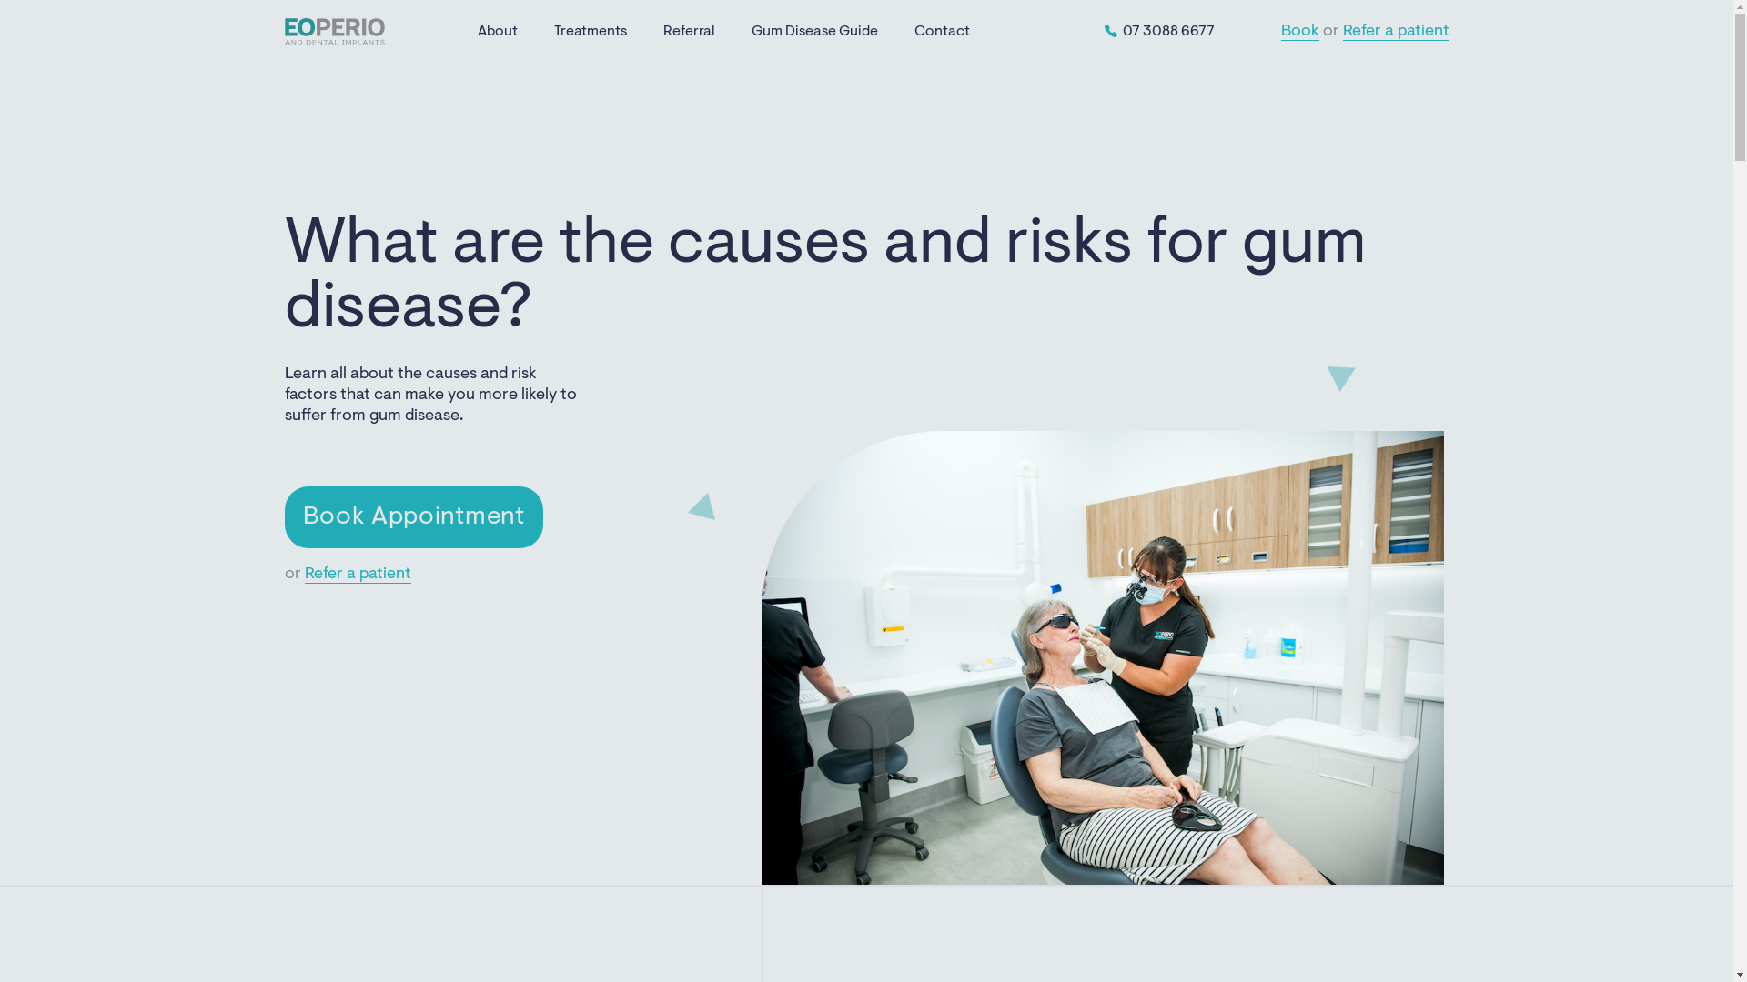  Describe the element at coordinates (1299, 32) in the screenshot. I see `'Book'` at that location.